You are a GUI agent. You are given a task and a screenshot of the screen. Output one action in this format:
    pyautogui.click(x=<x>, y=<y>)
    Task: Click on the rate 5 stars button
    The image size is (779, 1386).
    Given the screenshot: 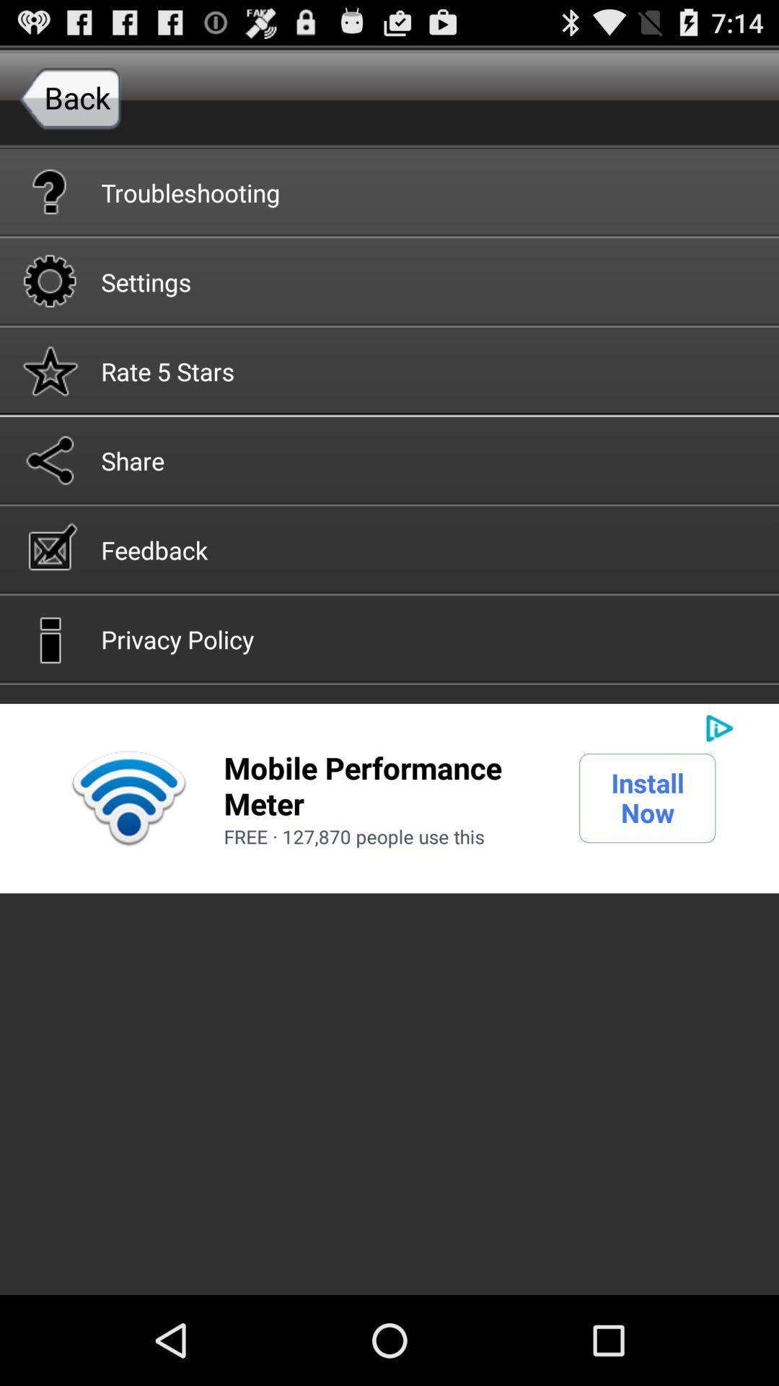 What is the action you would take?
    pyautogui.click(x=389, y=370)
    